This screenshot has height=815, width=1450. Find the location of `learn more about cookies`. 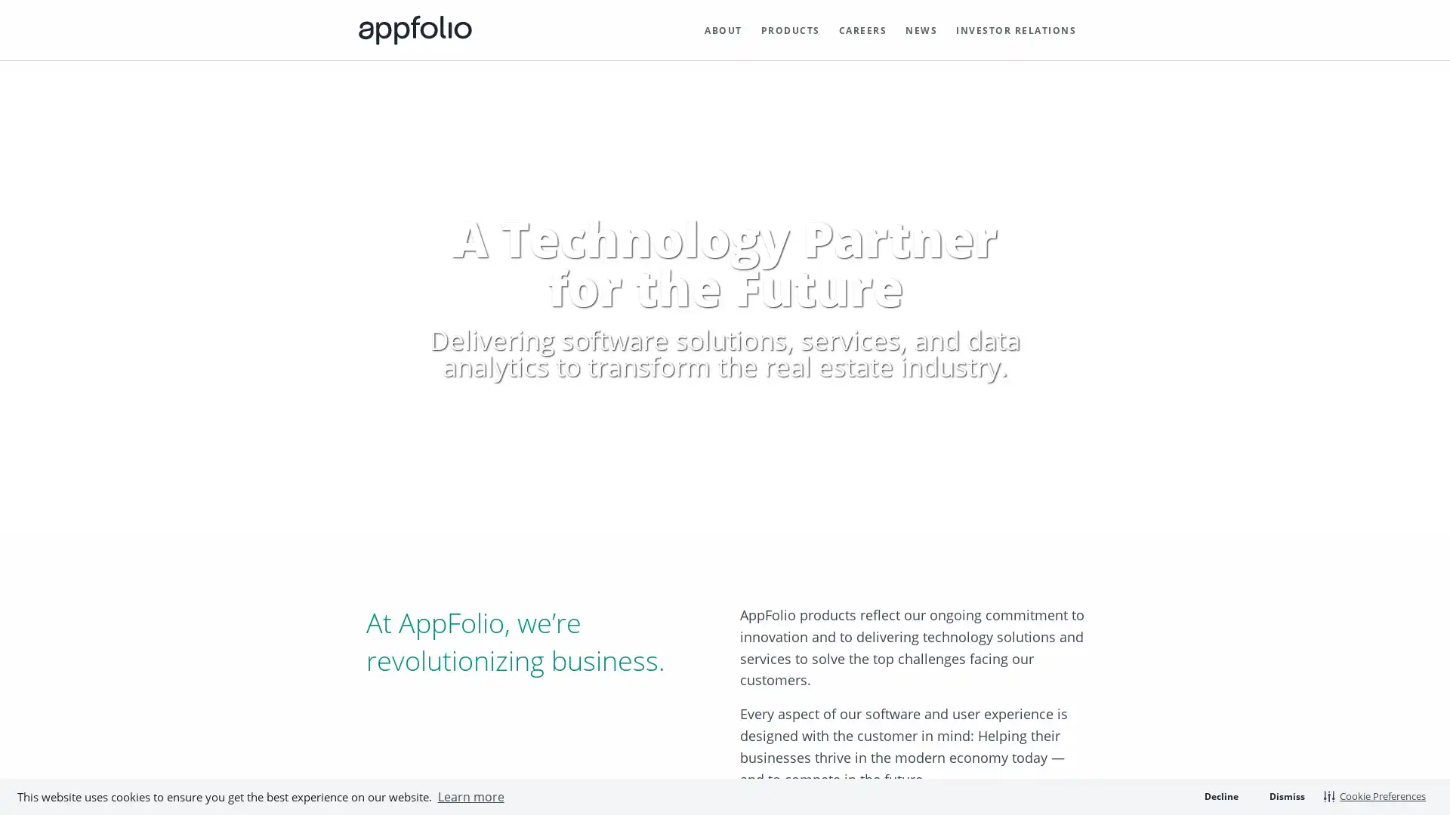

learn more about cookies is located at coordinates (470, 795).